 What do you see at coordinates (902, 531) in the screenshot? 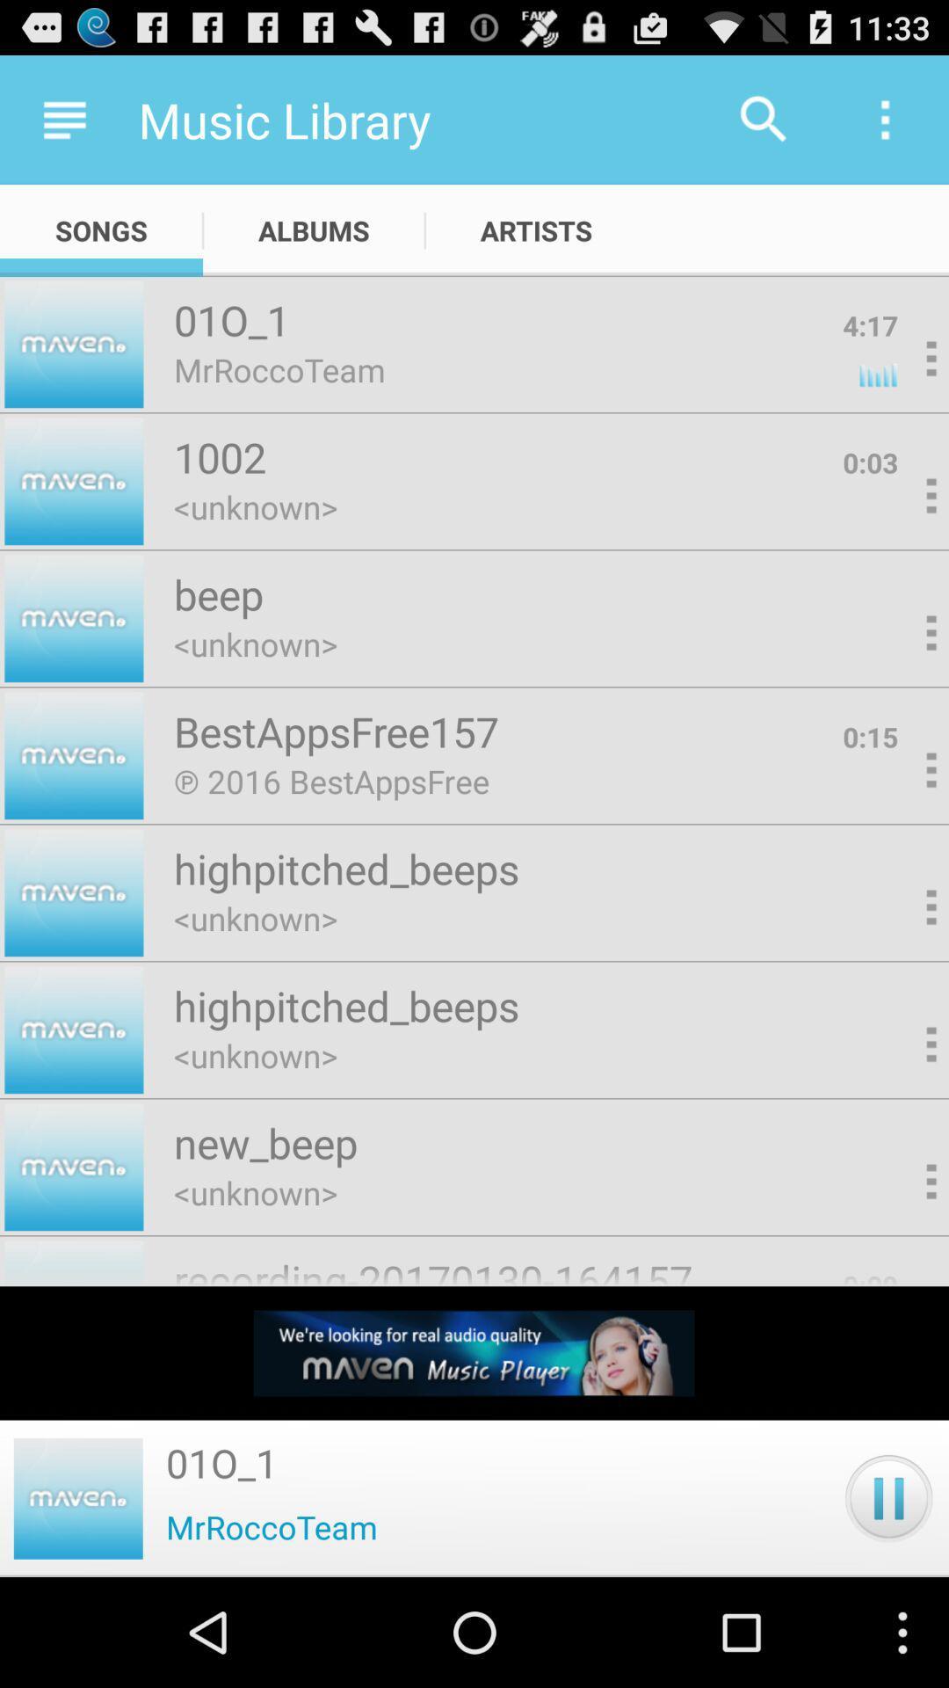
I see `the more icon` at bounding box center [902, 531].